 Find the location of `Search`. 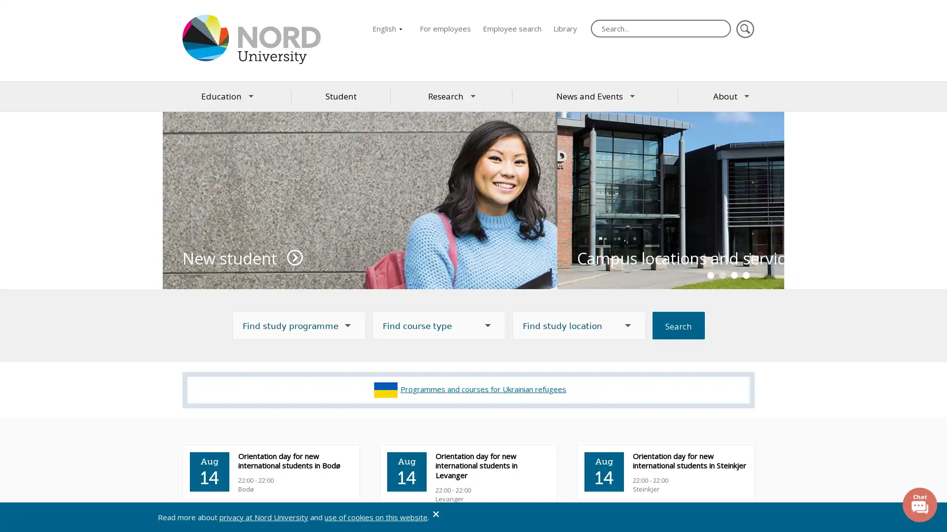

Search is located at coordinates (678, 325).